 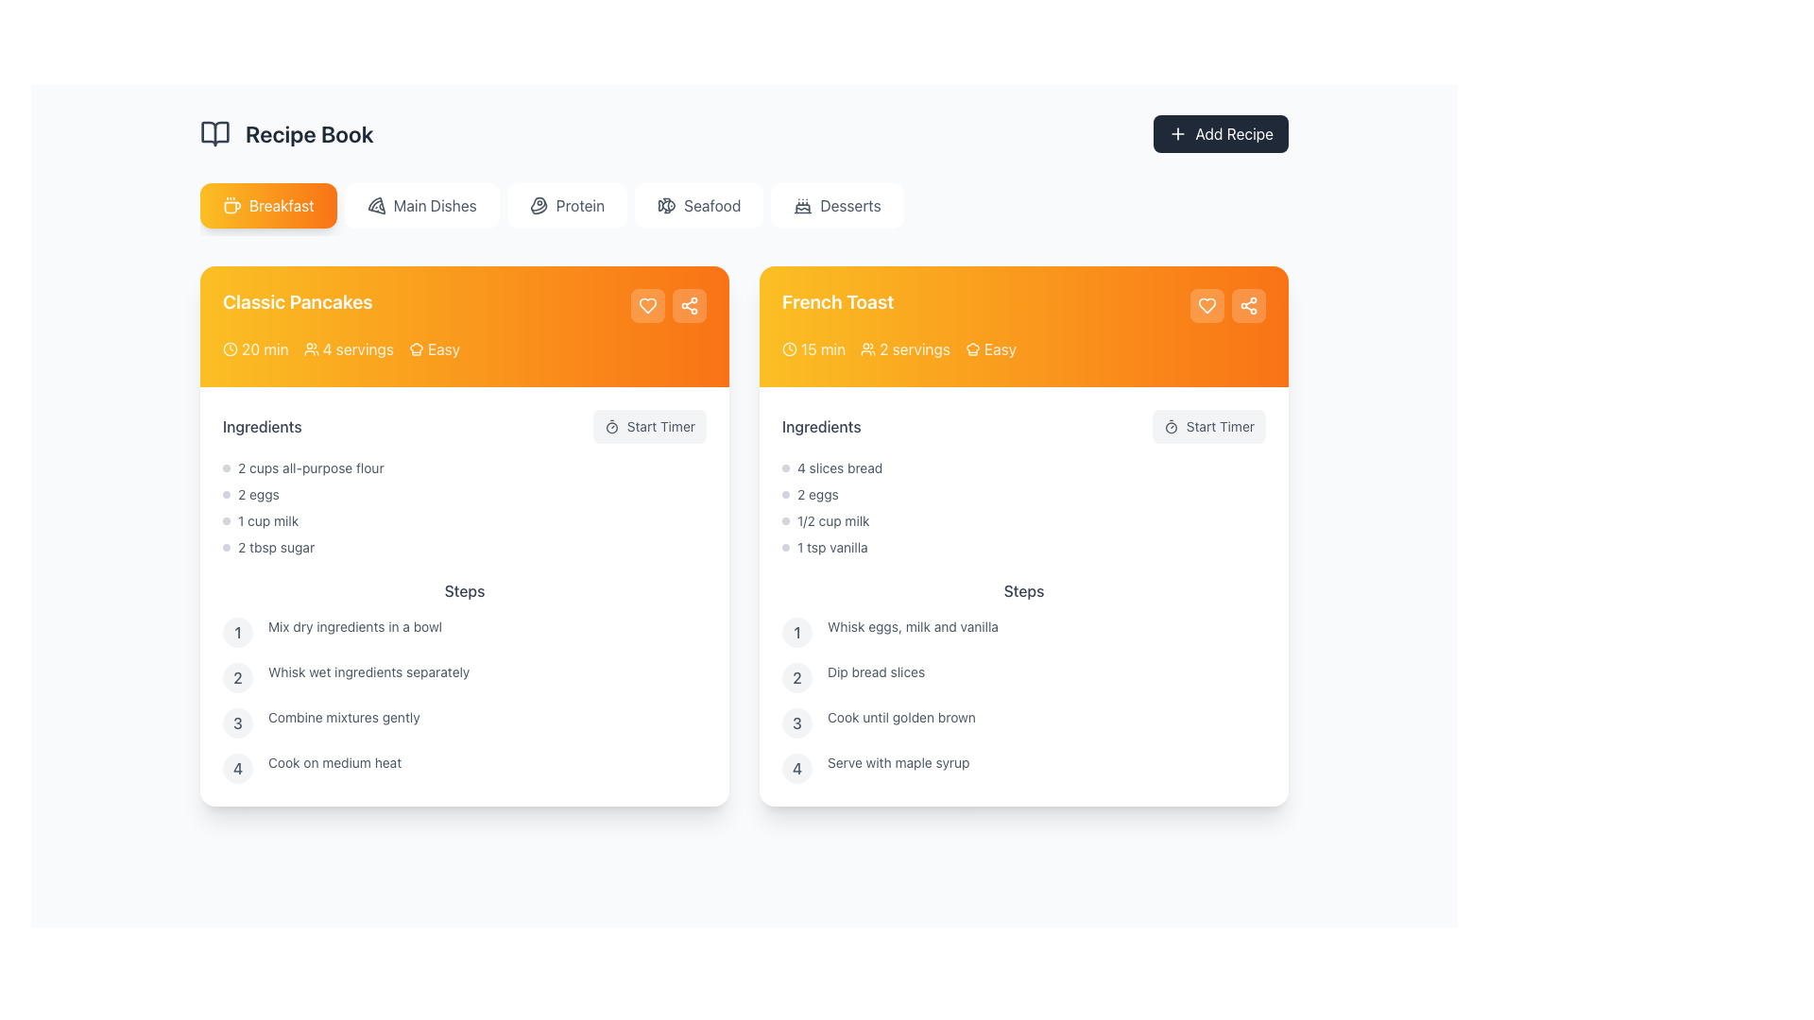 I want to click on the static text element displaying the ingredient quantity and type for the recipe, which is the first item in the list under the 'Ingredients' section of the 'French Toast' card, so click(x=839, y=467).